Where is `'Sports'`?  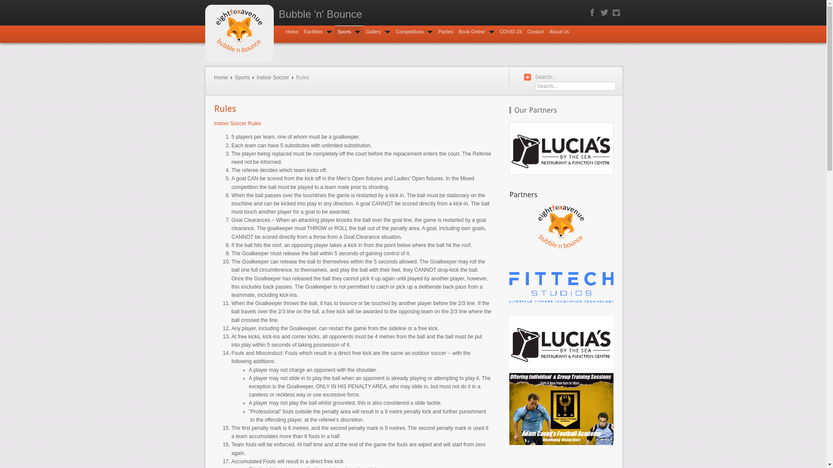
'Sports' is located at coordinates (242, 77).